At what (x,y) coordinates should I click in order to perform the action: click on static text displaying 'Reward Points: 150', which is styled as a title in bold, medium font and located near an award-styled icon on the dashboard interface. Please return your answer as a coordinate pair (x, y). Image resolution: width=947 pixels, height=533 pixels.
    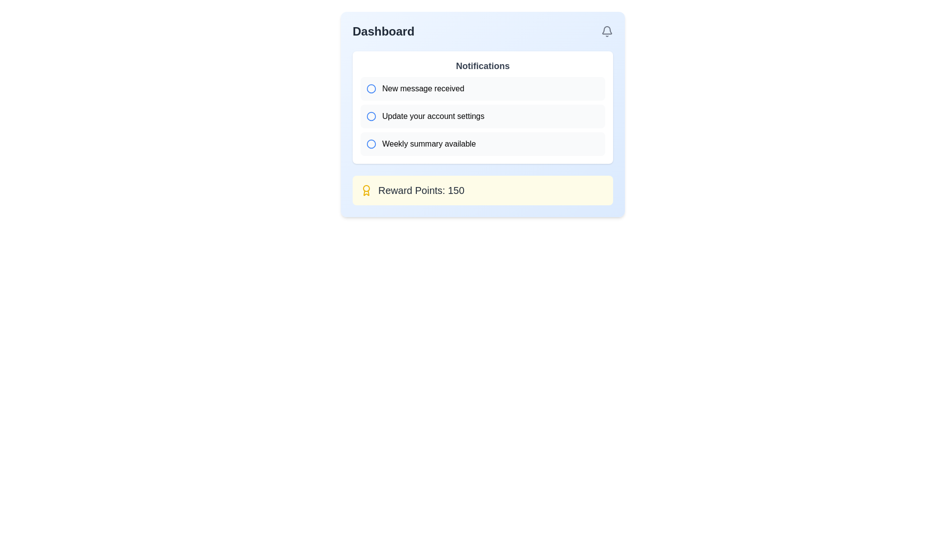
    Looking at the image, I should click on (421, 190).